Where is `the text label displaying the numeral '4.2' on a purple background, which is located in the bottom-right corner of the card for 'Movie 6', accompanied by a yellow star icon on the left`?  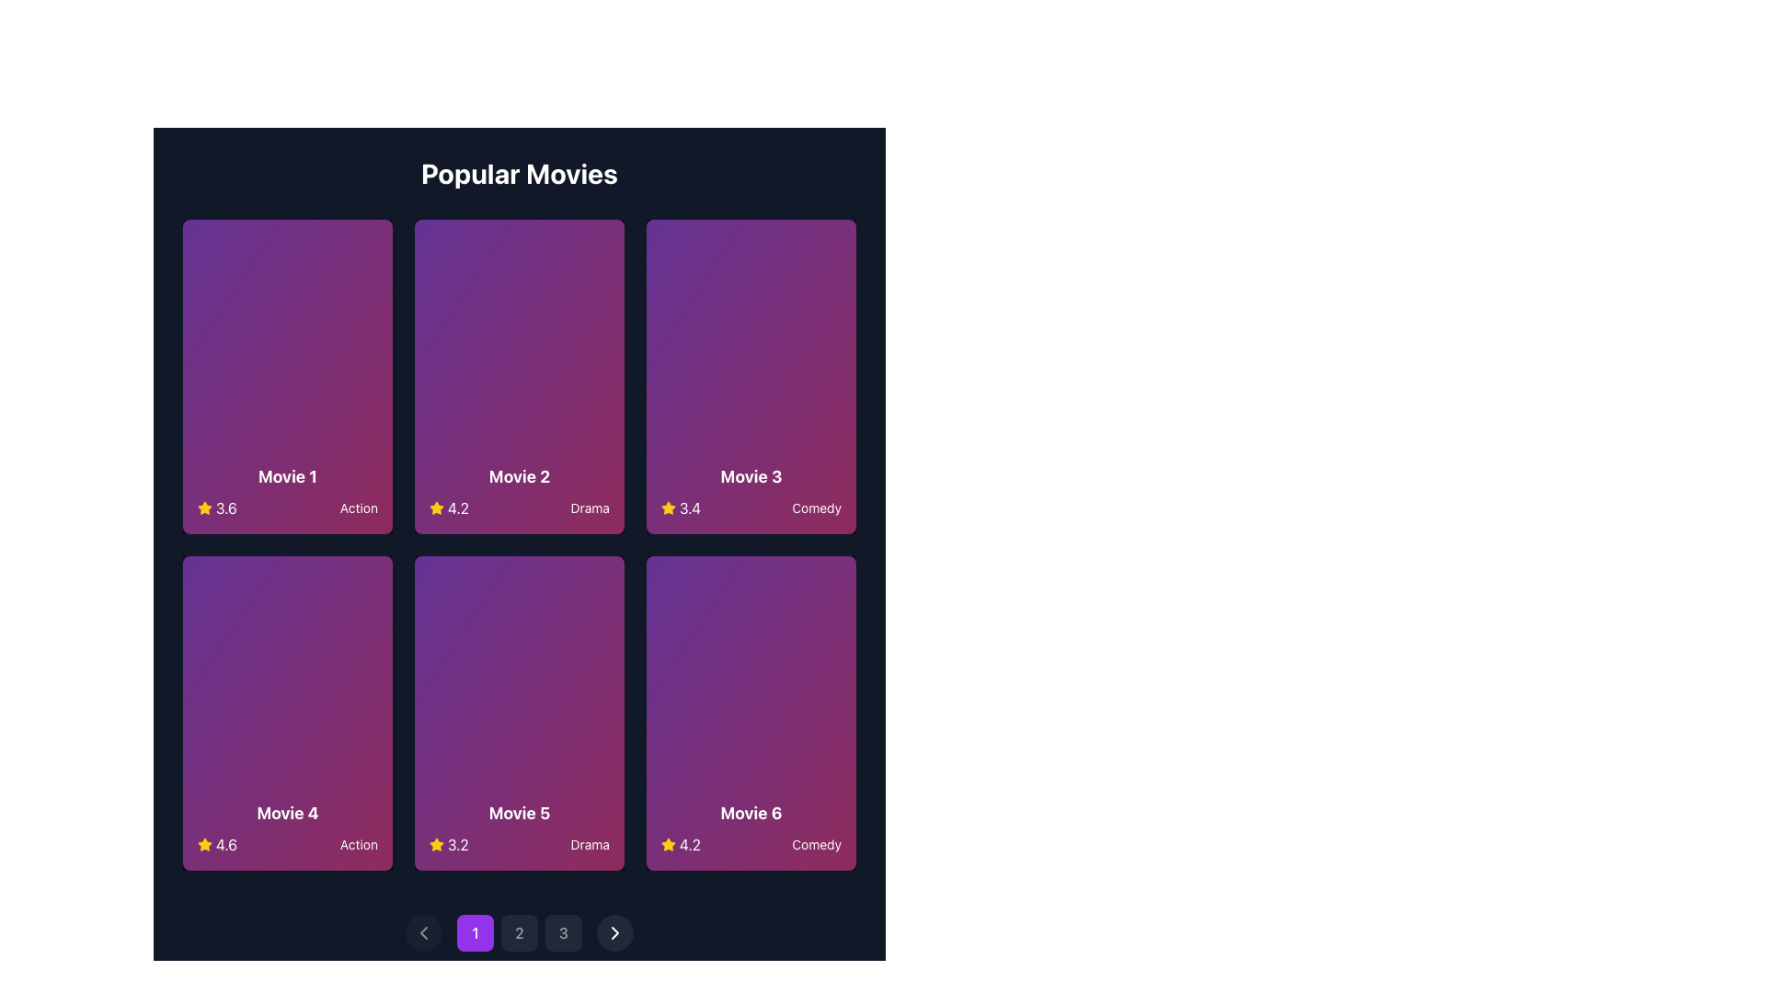
the text label displaying the numeral '4.2' on a purple background, which is located in the bottom-right corner of the card for 'Movie 6', accompanied by a yellow star icon on the left is located at coordinates (680, 844).